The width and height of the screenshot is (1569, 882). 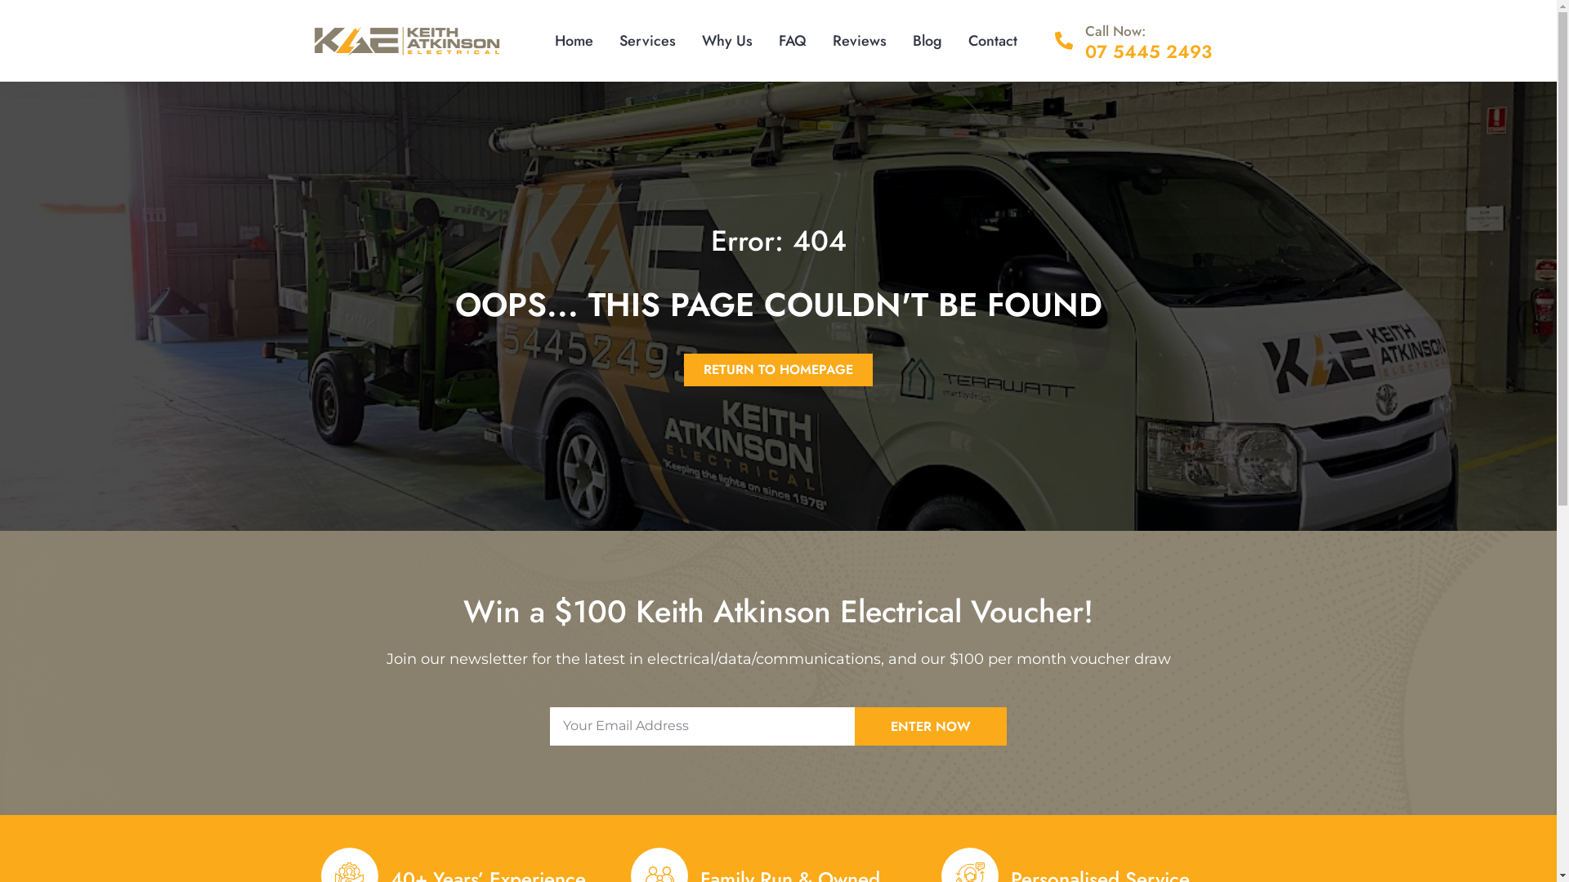 I want to click on 'Contact', so click(x=991, y=40).